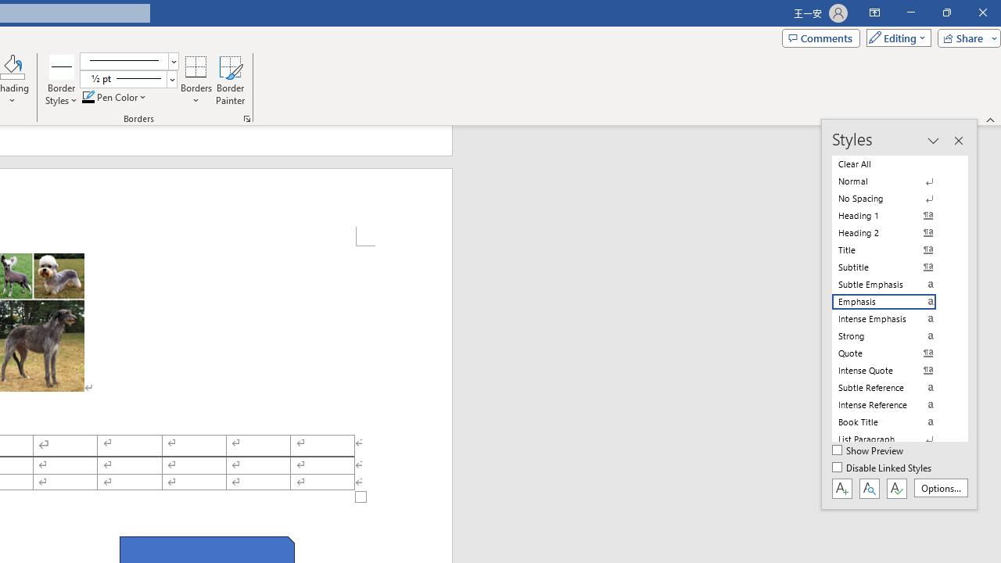 This screenshot has width=1001, height=563. I want to click on 'Book Title', so click(893, 422).